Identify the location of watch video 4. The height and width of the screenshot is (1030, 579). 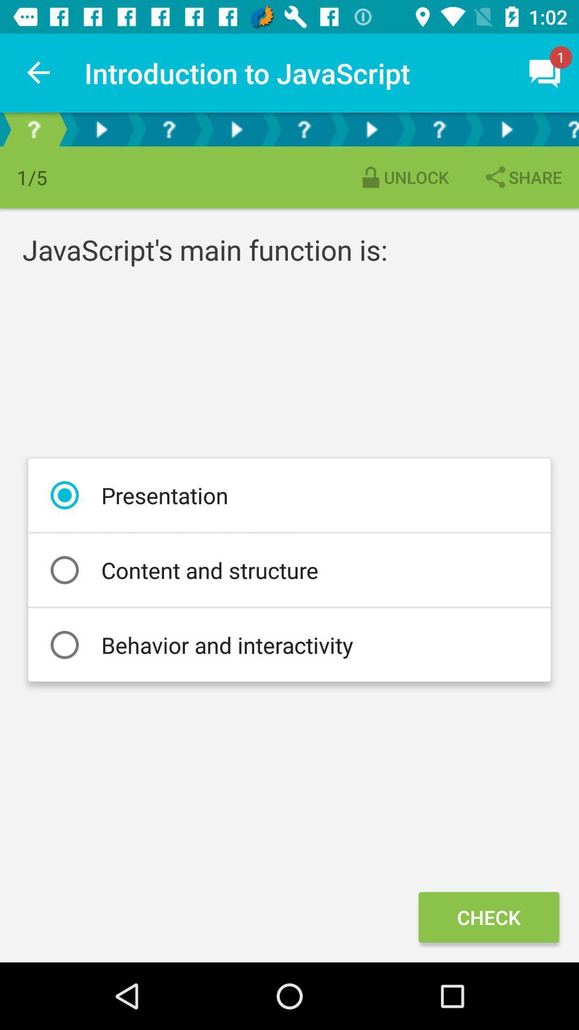
(507, 129).